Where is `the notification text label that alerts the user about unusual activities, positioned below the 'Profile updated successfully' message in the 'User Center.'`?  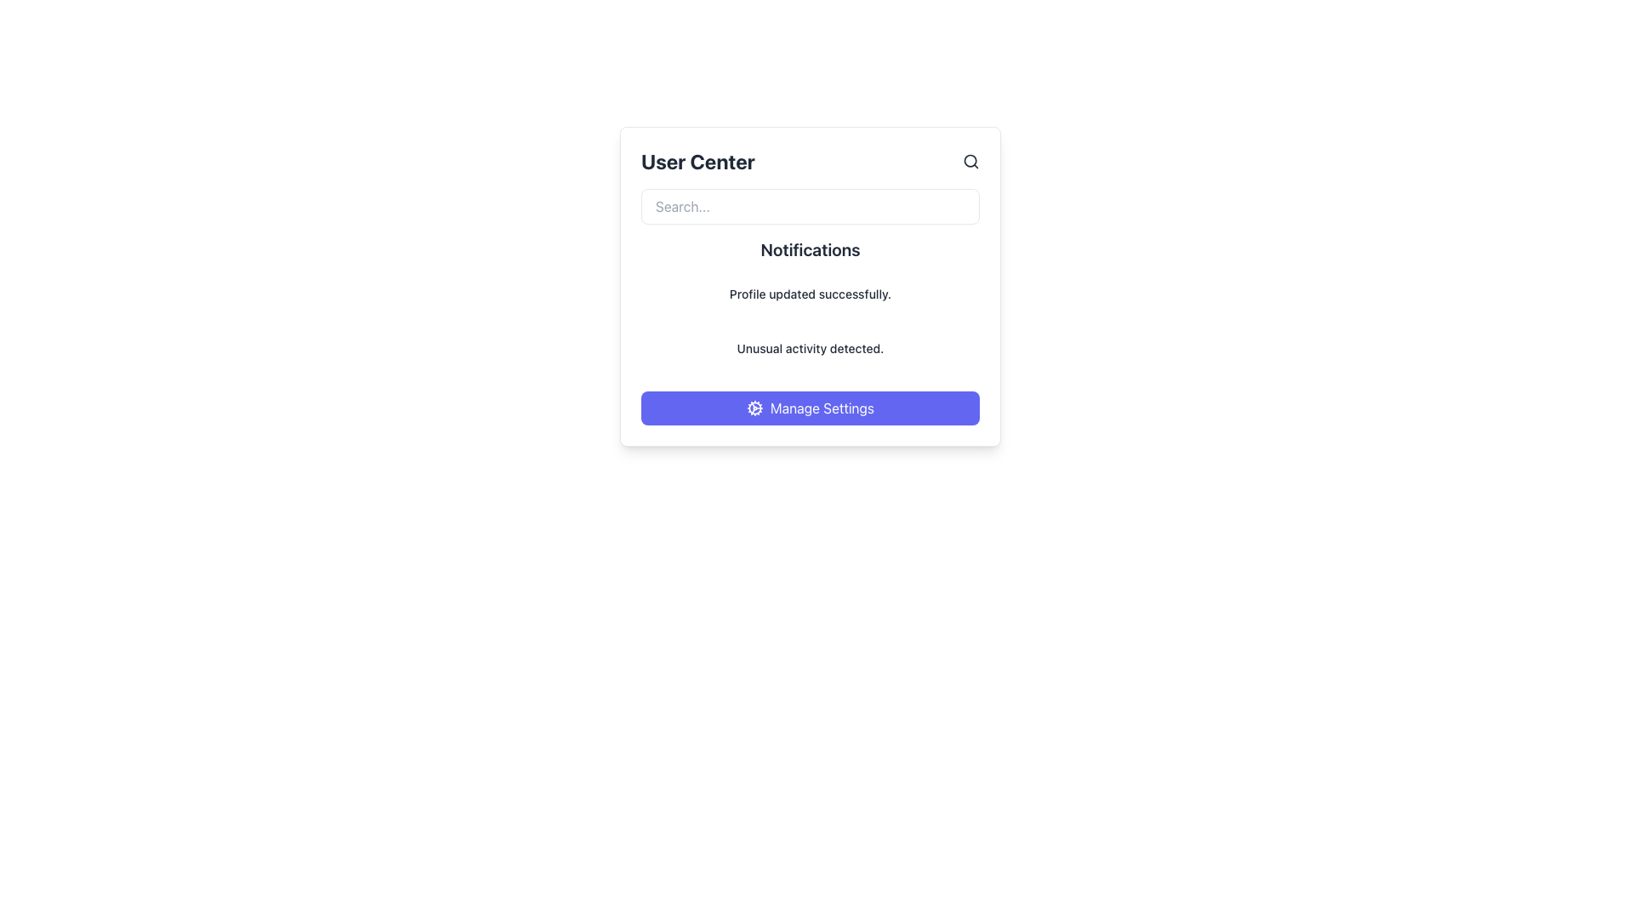
the notification text label that alerts the user about unusual activities, positioned below the 'Profile updated successfully' message in the 'User Center.' is located at coordinates (810, 347).